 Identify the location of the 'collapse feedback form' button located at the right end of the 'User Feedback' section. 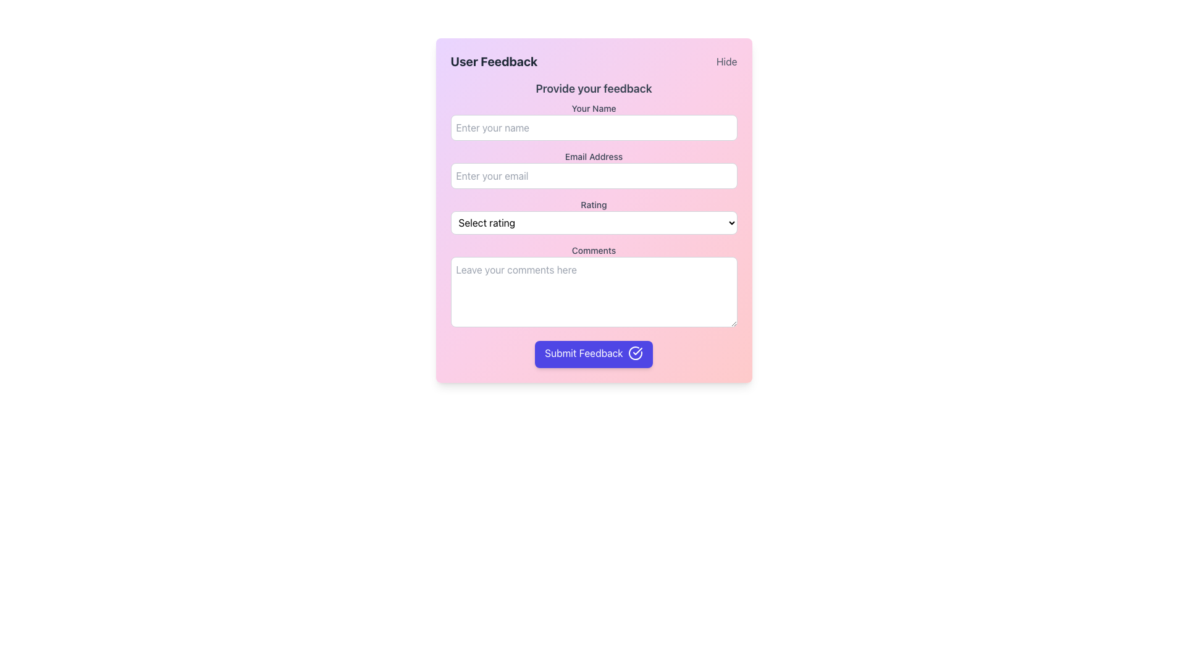
(726, 62).